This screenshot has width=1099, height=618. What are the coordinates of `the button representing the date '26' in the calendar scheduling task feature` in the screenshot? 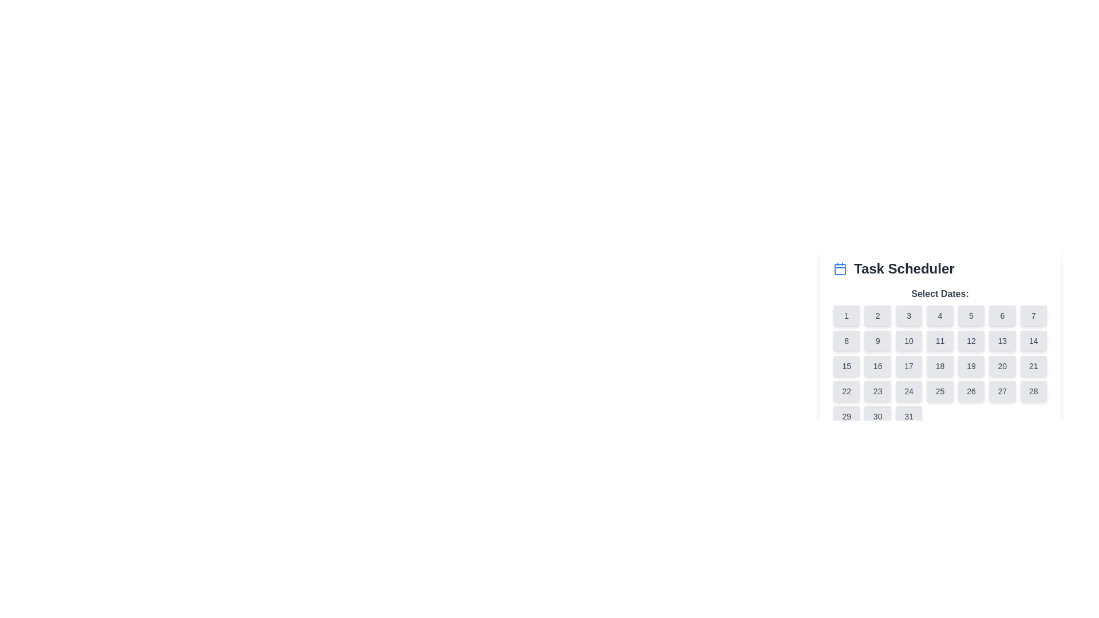 It's located at (970, 390).